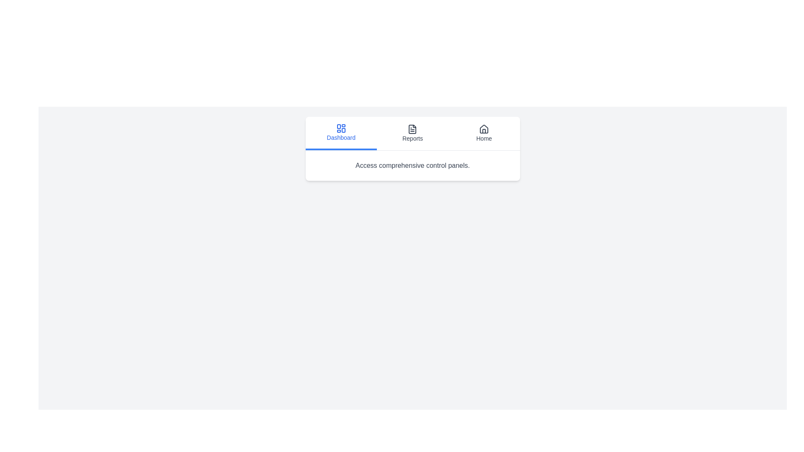  Describe the element at coordinates (341, 133) in the screenshot. I see `the tab button labeled Dashboard` at that location.